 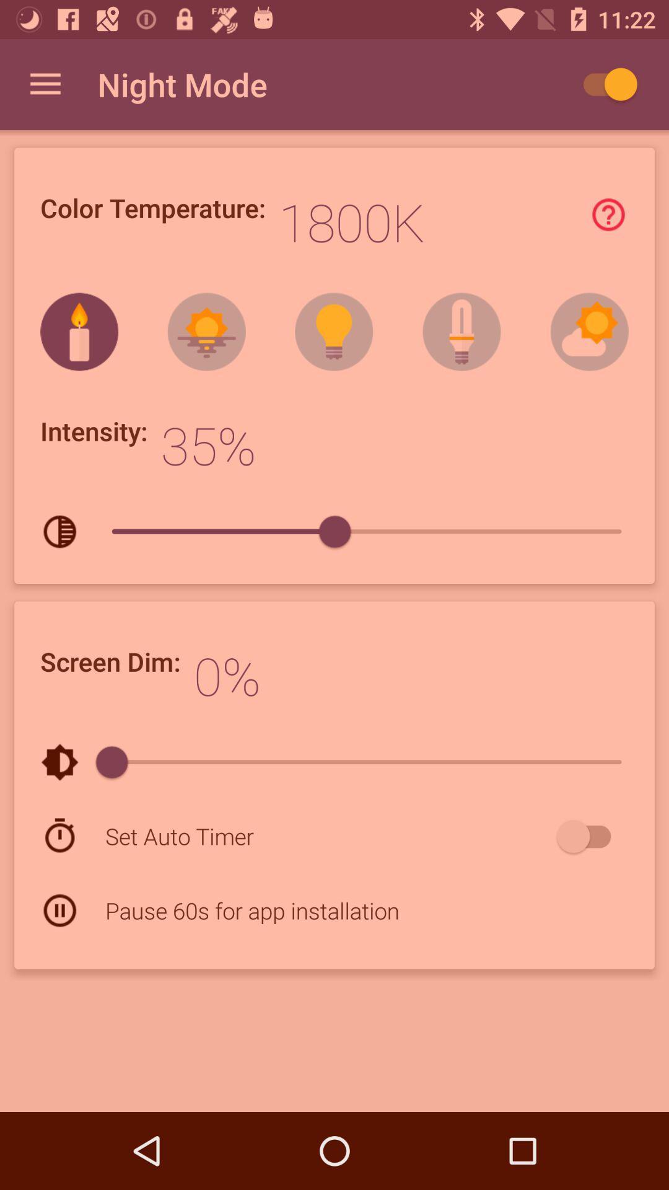 I want to click on item above pause 60s for, so click(x=328, y=836).